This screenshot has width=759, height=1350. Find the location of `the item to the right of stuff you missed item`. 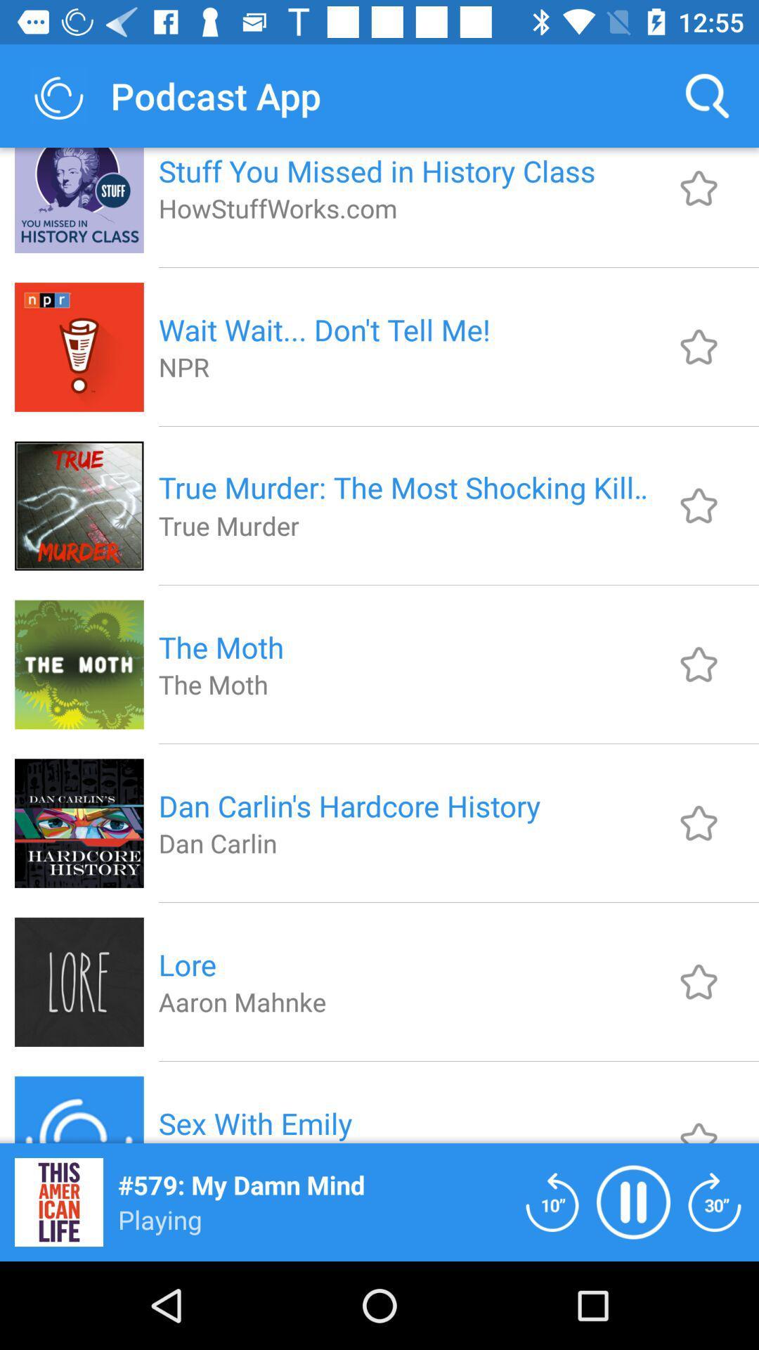

the item to the right of stuff you missed item is located at coordinates (707, 95).